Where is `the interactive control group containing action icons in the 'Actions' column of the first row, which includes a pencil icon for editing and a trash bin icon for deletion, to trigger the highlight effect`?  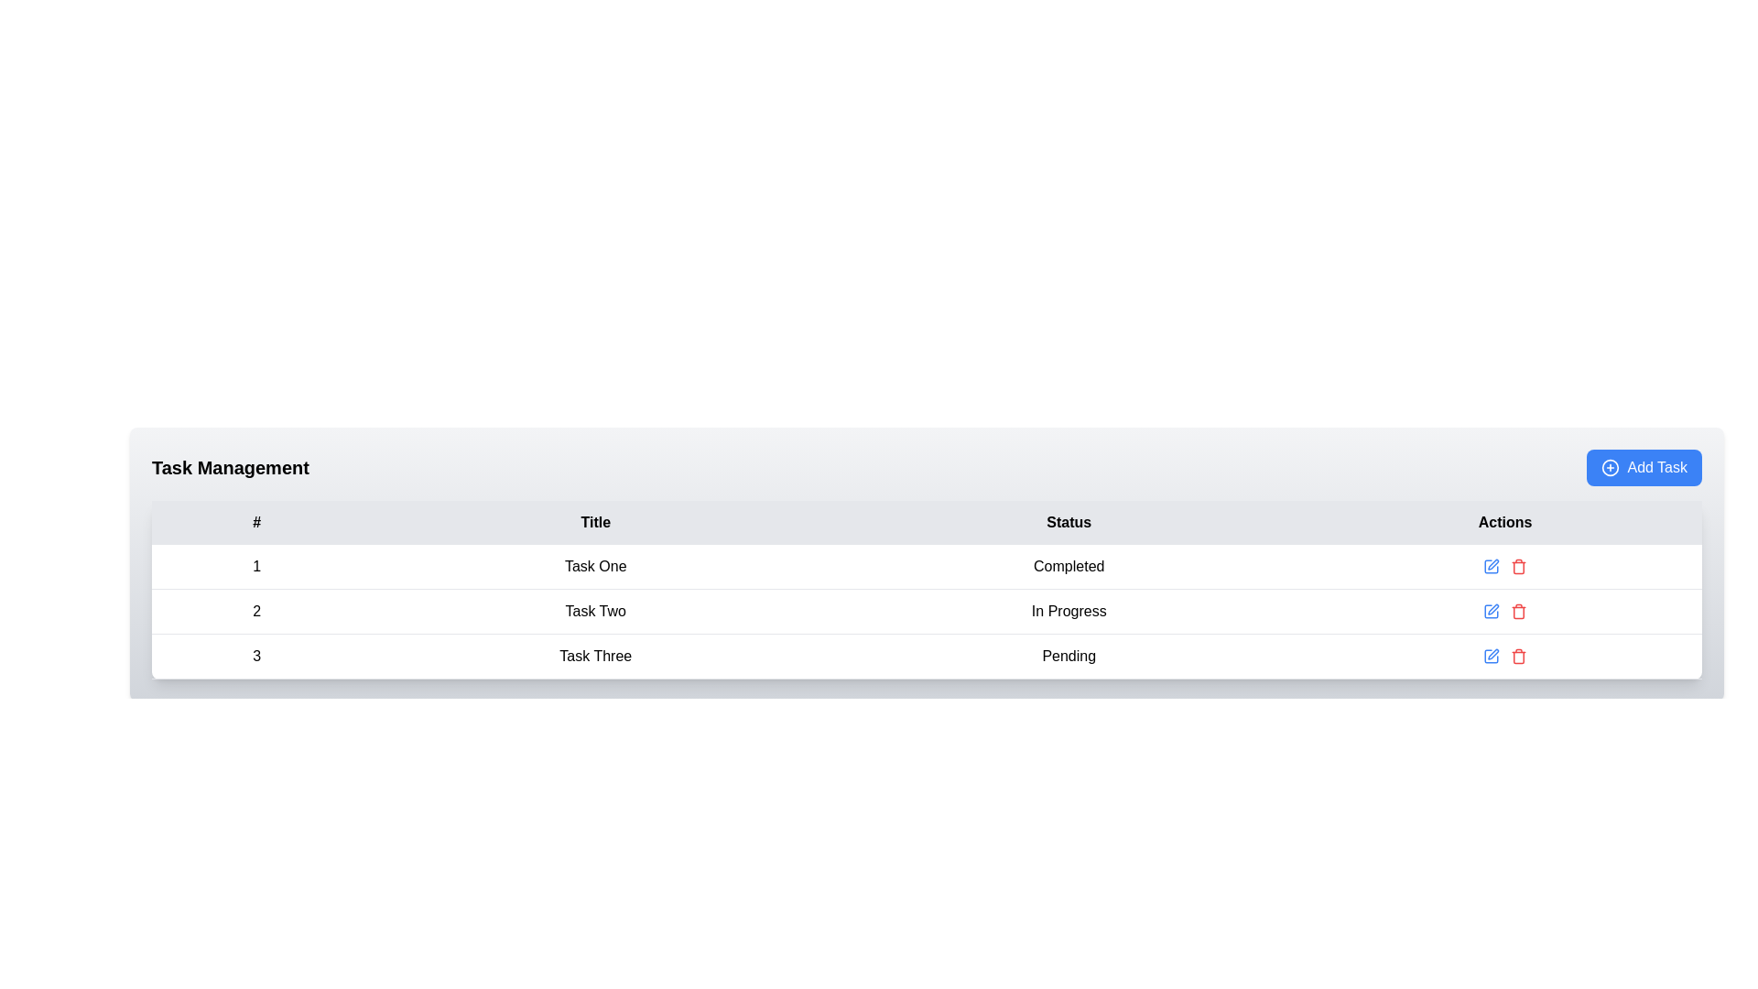 the interactive control group containing action icons in the 'Actions' column of the first row, which includes a pencil icon for editing and a trash bin icon for deletion, to trigger the highlight effect is located at coordinates (1505, 565).